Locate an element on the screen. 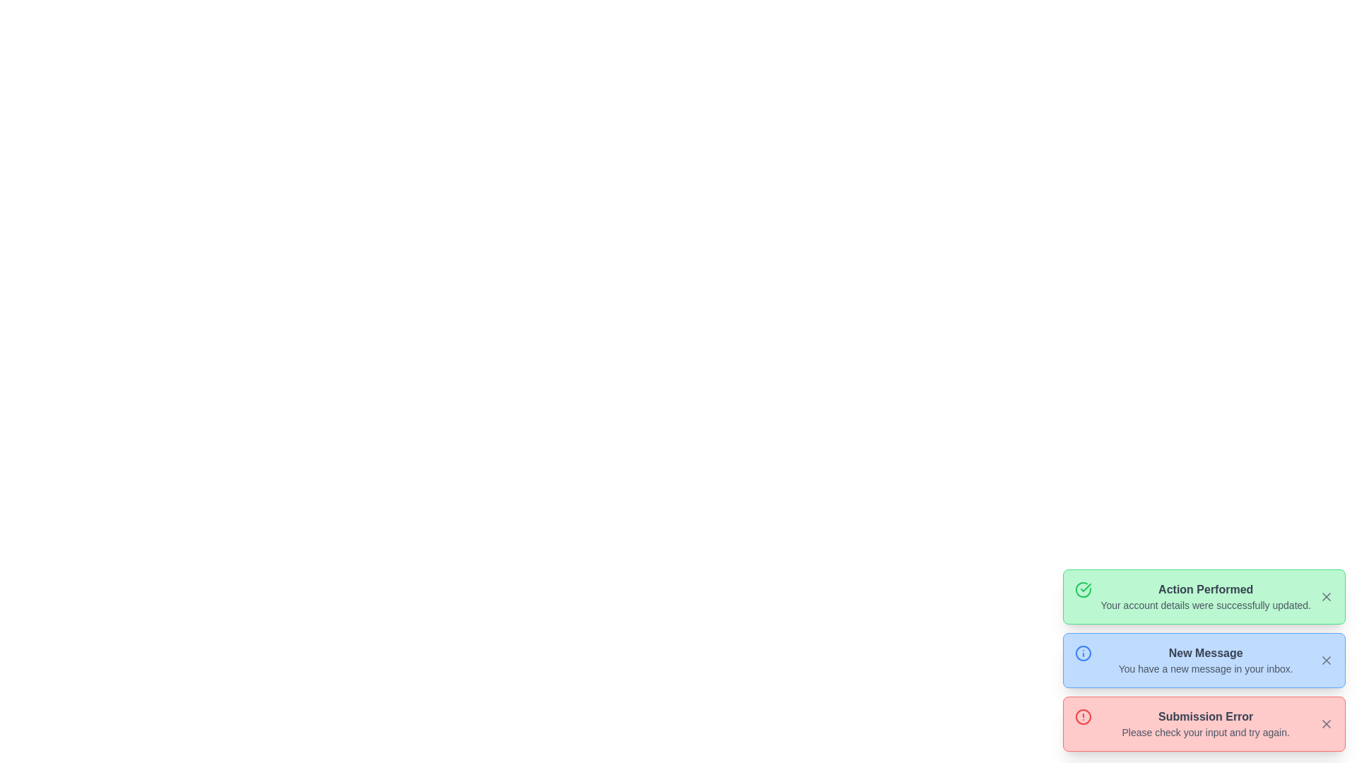 This screenshot has width=1357, height=763. the diagonal cross icon button located at the lower-right corner of the 'Submission Error' message box to trigger tooltip or focus effects is located at coordinates (1325, 724).